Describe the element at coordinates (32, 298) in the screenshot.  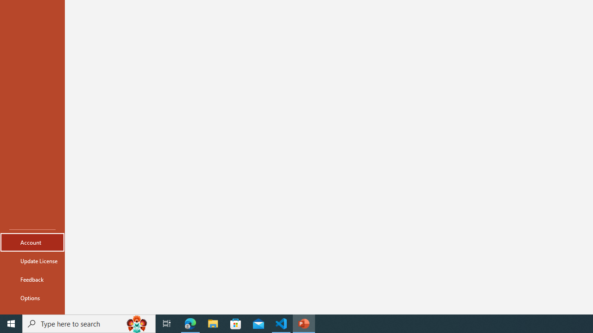
I see `'Options'` at that location.